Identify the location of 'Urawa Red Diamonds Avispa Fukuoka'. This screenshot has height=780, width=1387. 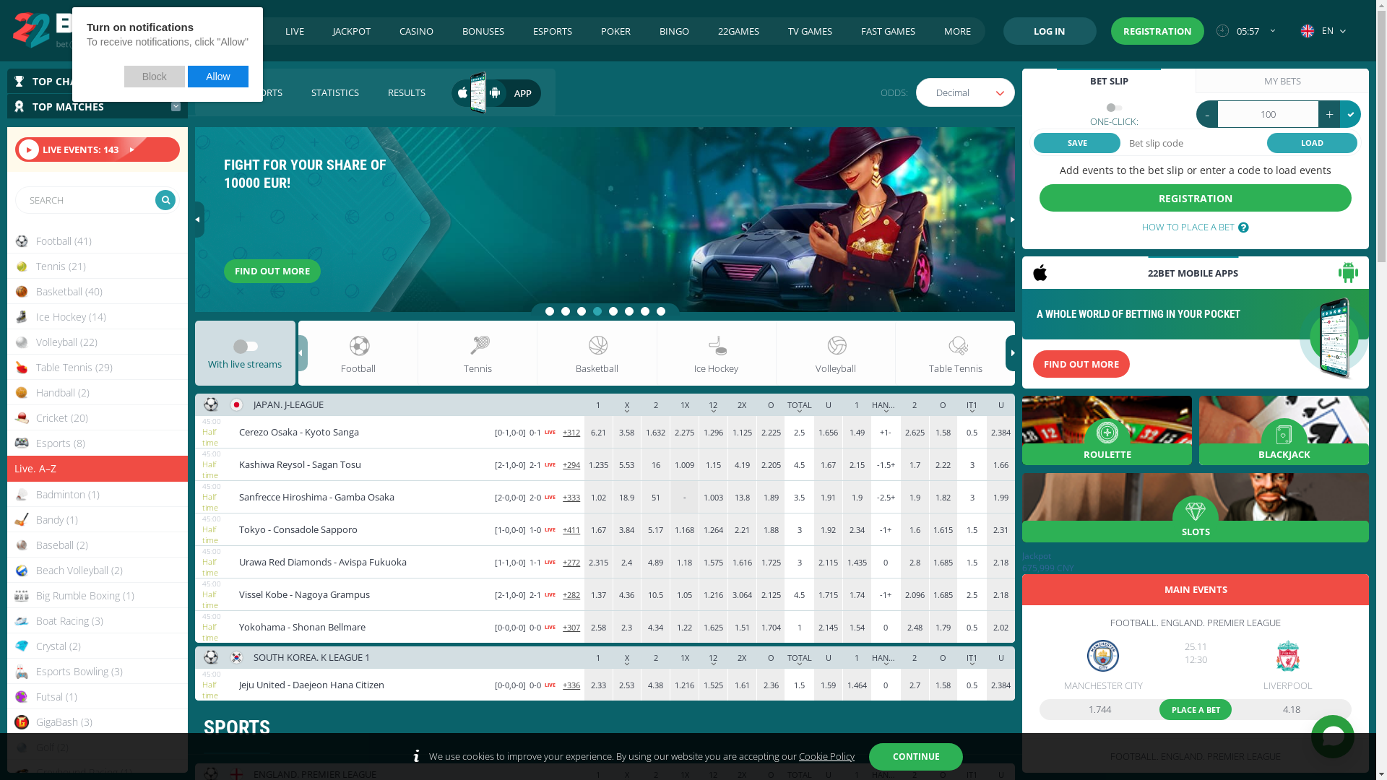
(361, 561).